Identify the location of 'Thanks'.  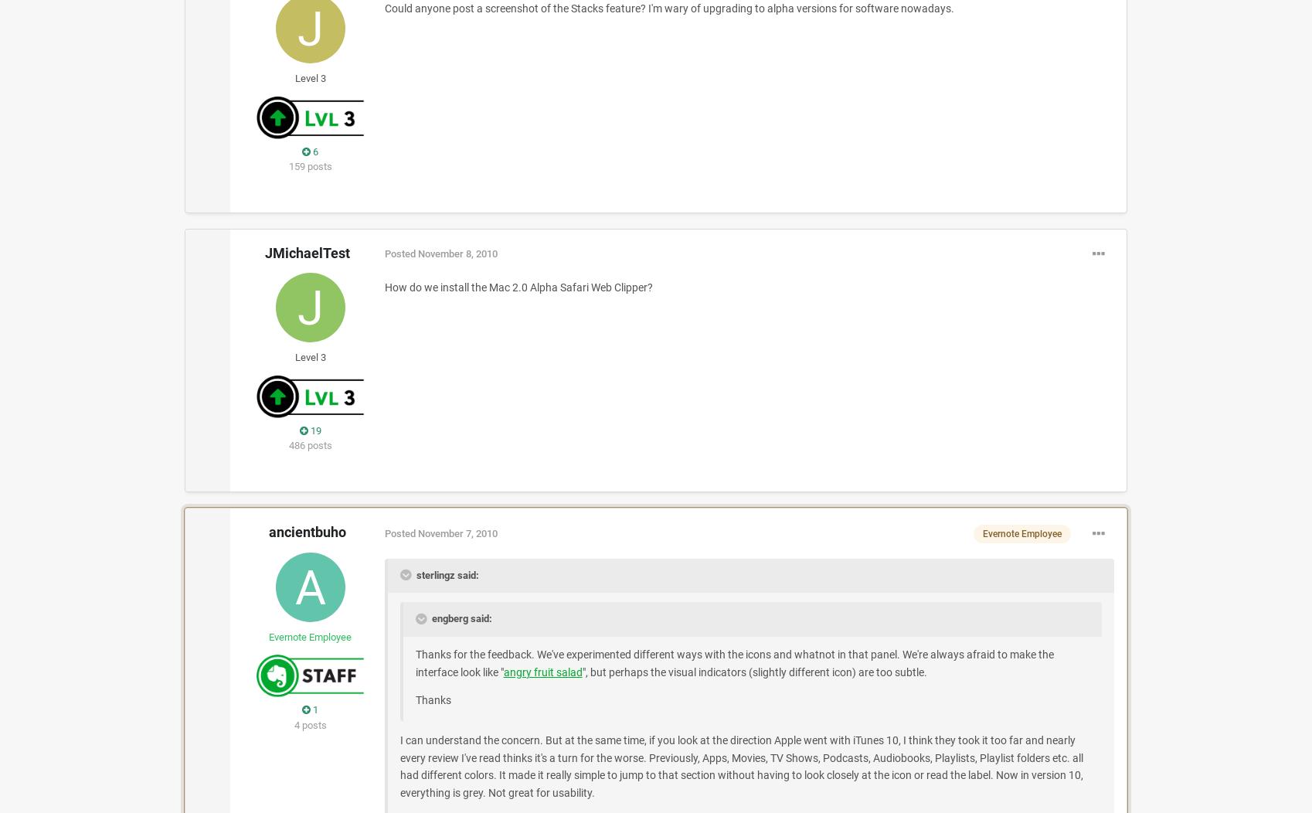
(433, 699).